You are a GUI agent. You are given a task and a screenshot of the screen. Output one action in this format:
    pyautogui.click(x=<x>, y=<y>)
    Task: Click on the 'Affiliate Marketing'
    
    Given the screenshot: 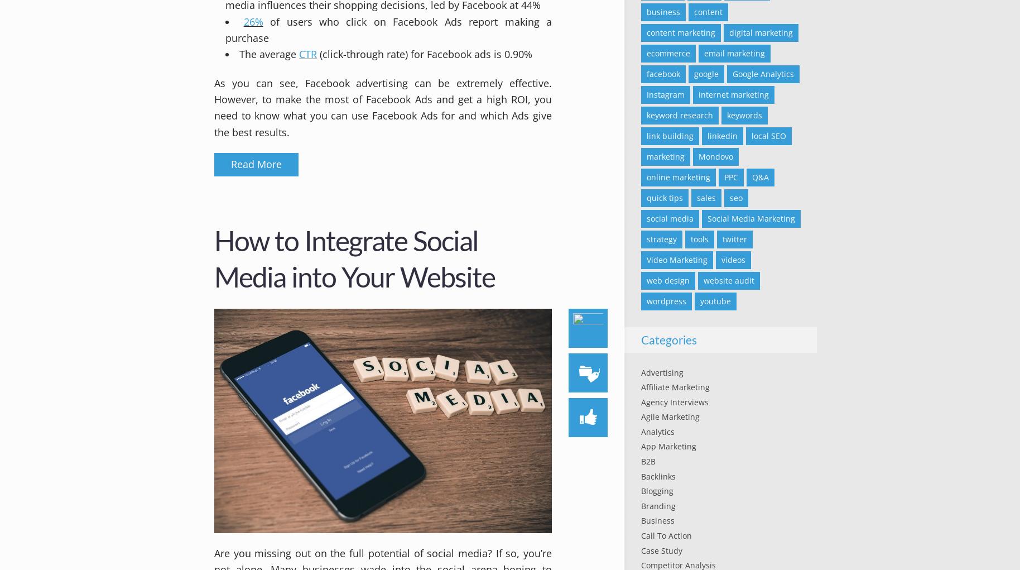 What is the action you would take?
    pyautogui.click(x=675, y=387)
    